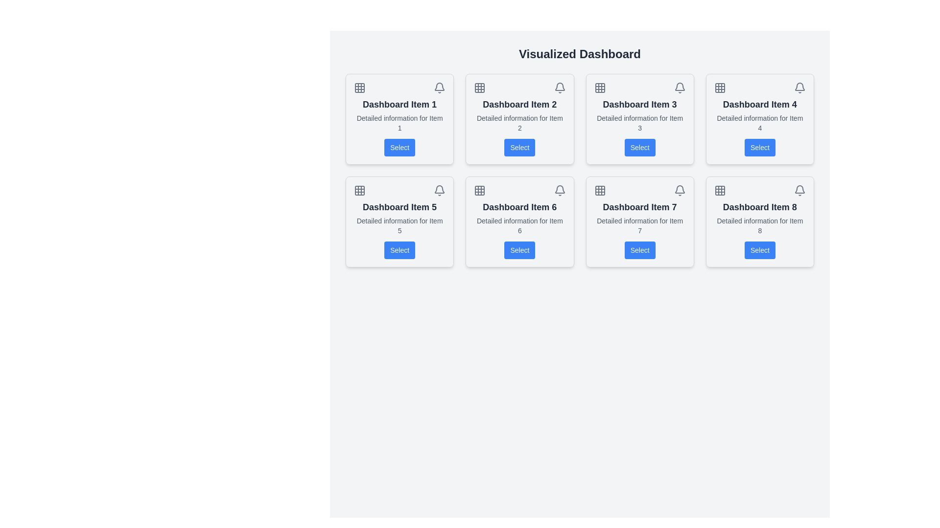 The height and width of the screenshot is (528, 940). What do you see at coordinates (519, 147) in the screenshot?
I see `the 'Select' button located in the second card titled 'Dashboard Item 2' in the grid layout, positioned in the top-central area of the interface` at bounding box center [519, 147].